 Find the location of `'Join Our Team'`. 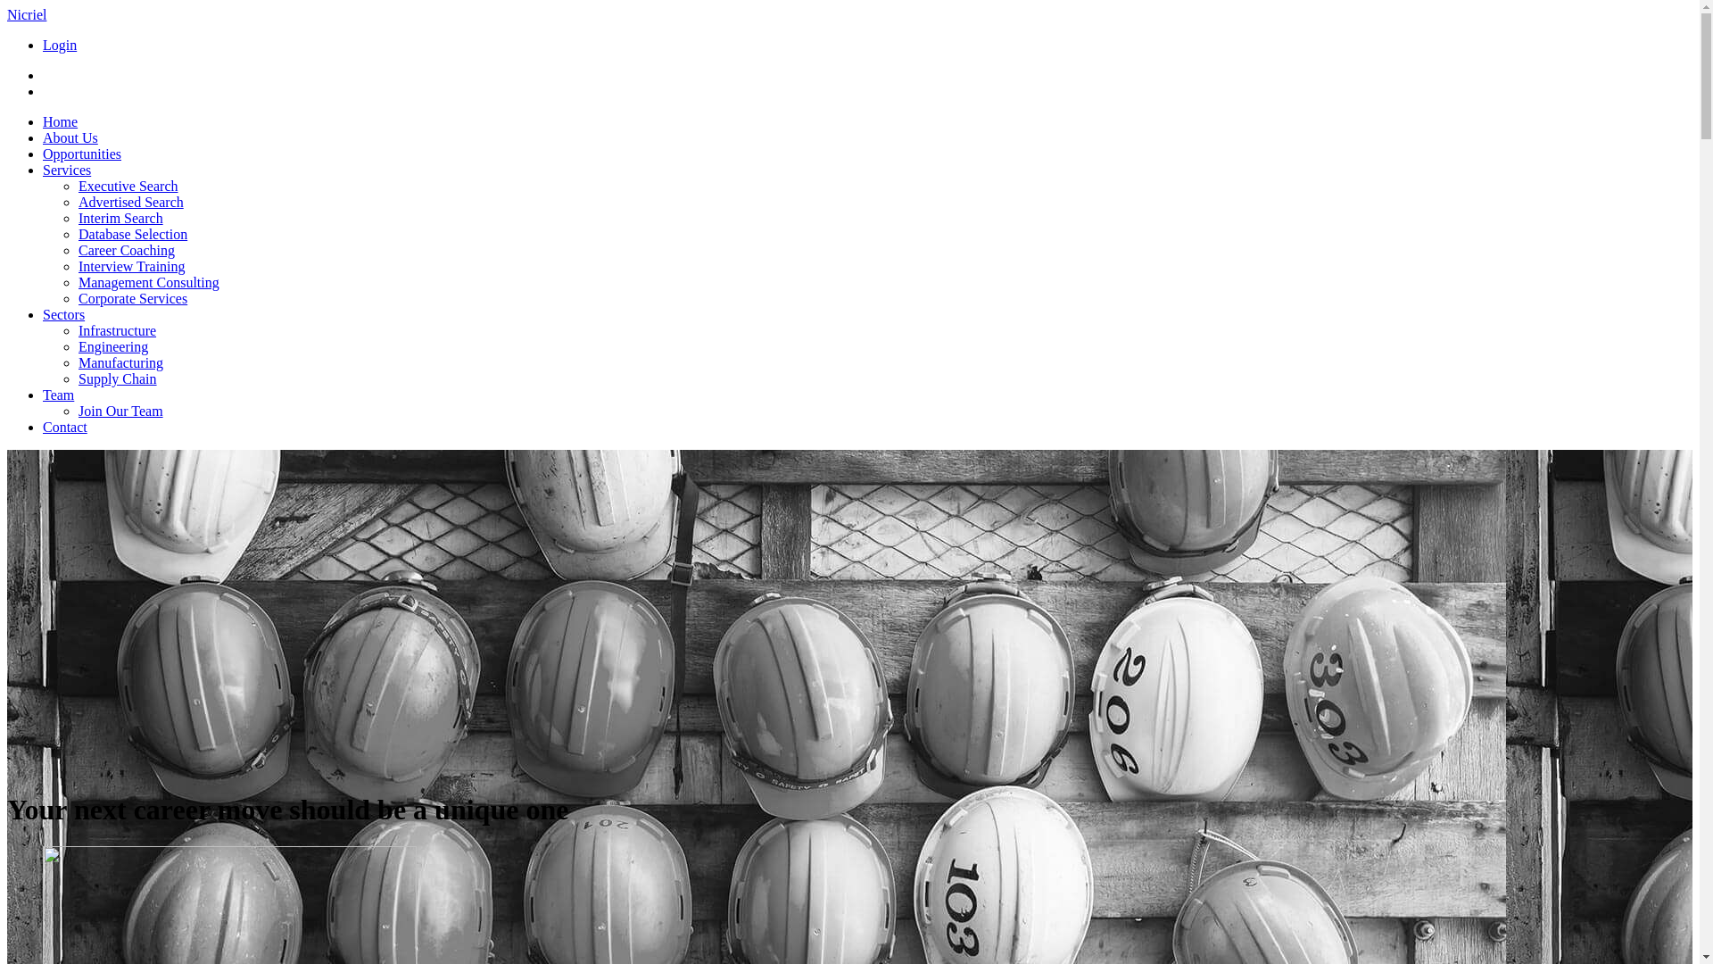

'Join Our Team' is located at coordinates (120, 411).